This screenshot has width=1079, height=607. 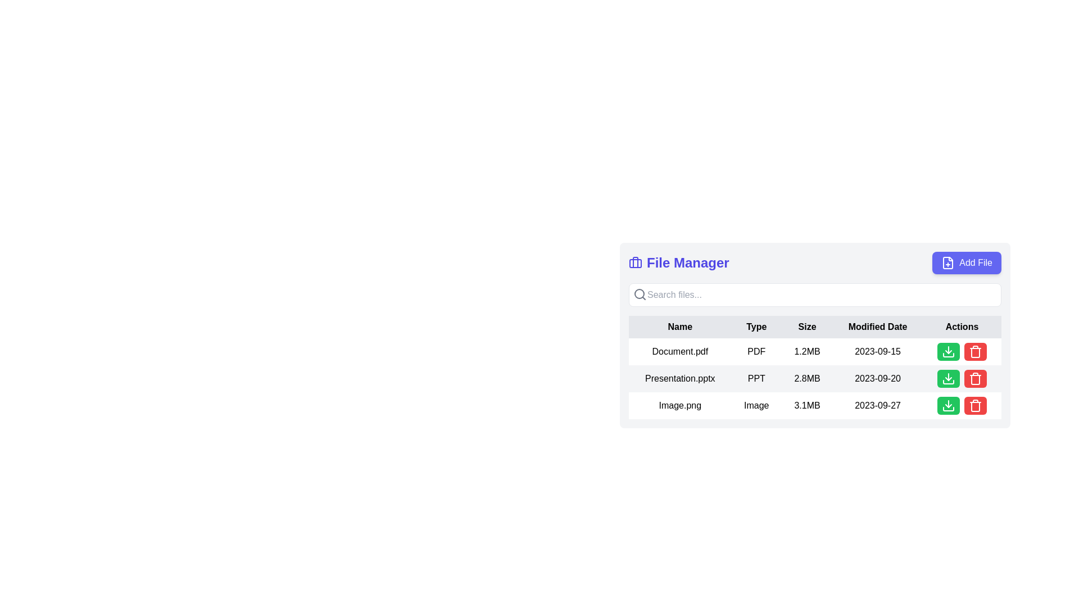 I want to click on the red delete button with a trash can icon, so click(x=962, y=379).